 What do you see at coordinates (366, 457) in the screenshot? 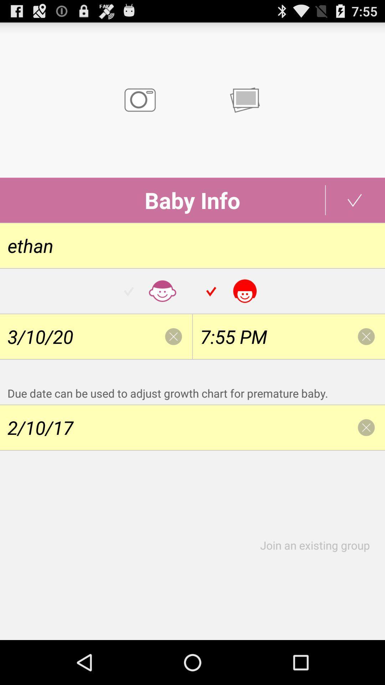
I see `the close icon` at bounding box center [366, 457].